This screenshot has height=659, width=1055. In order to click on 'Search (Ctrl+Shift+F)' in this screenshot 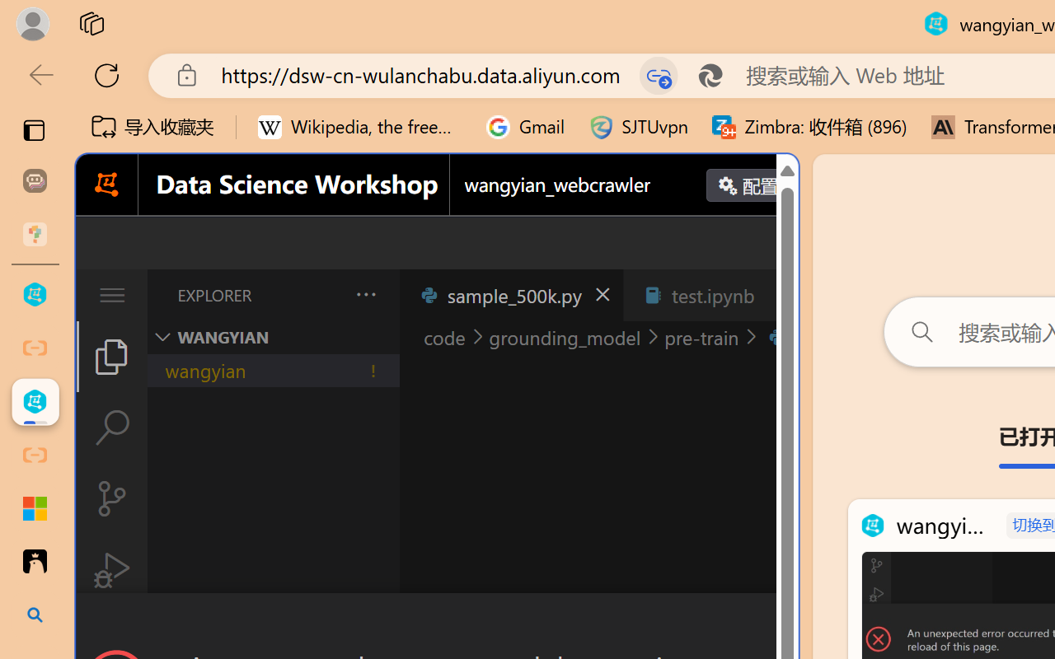, I will do `click(110, 427)`.